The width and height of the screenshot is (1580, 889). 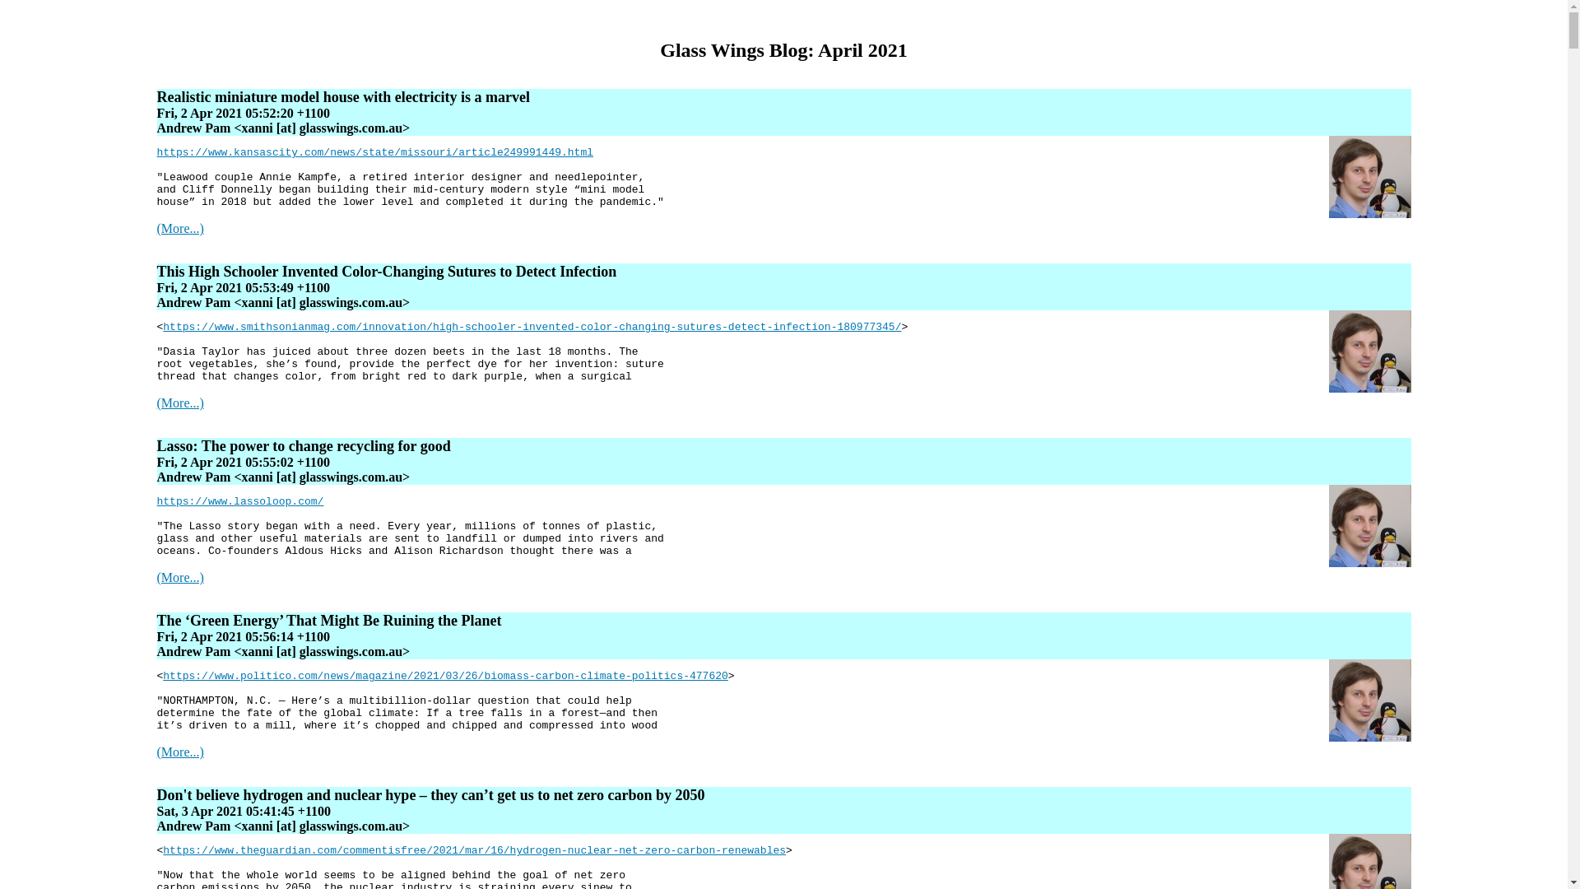 I want to click on '(More...)', so click(x=179, y=228).